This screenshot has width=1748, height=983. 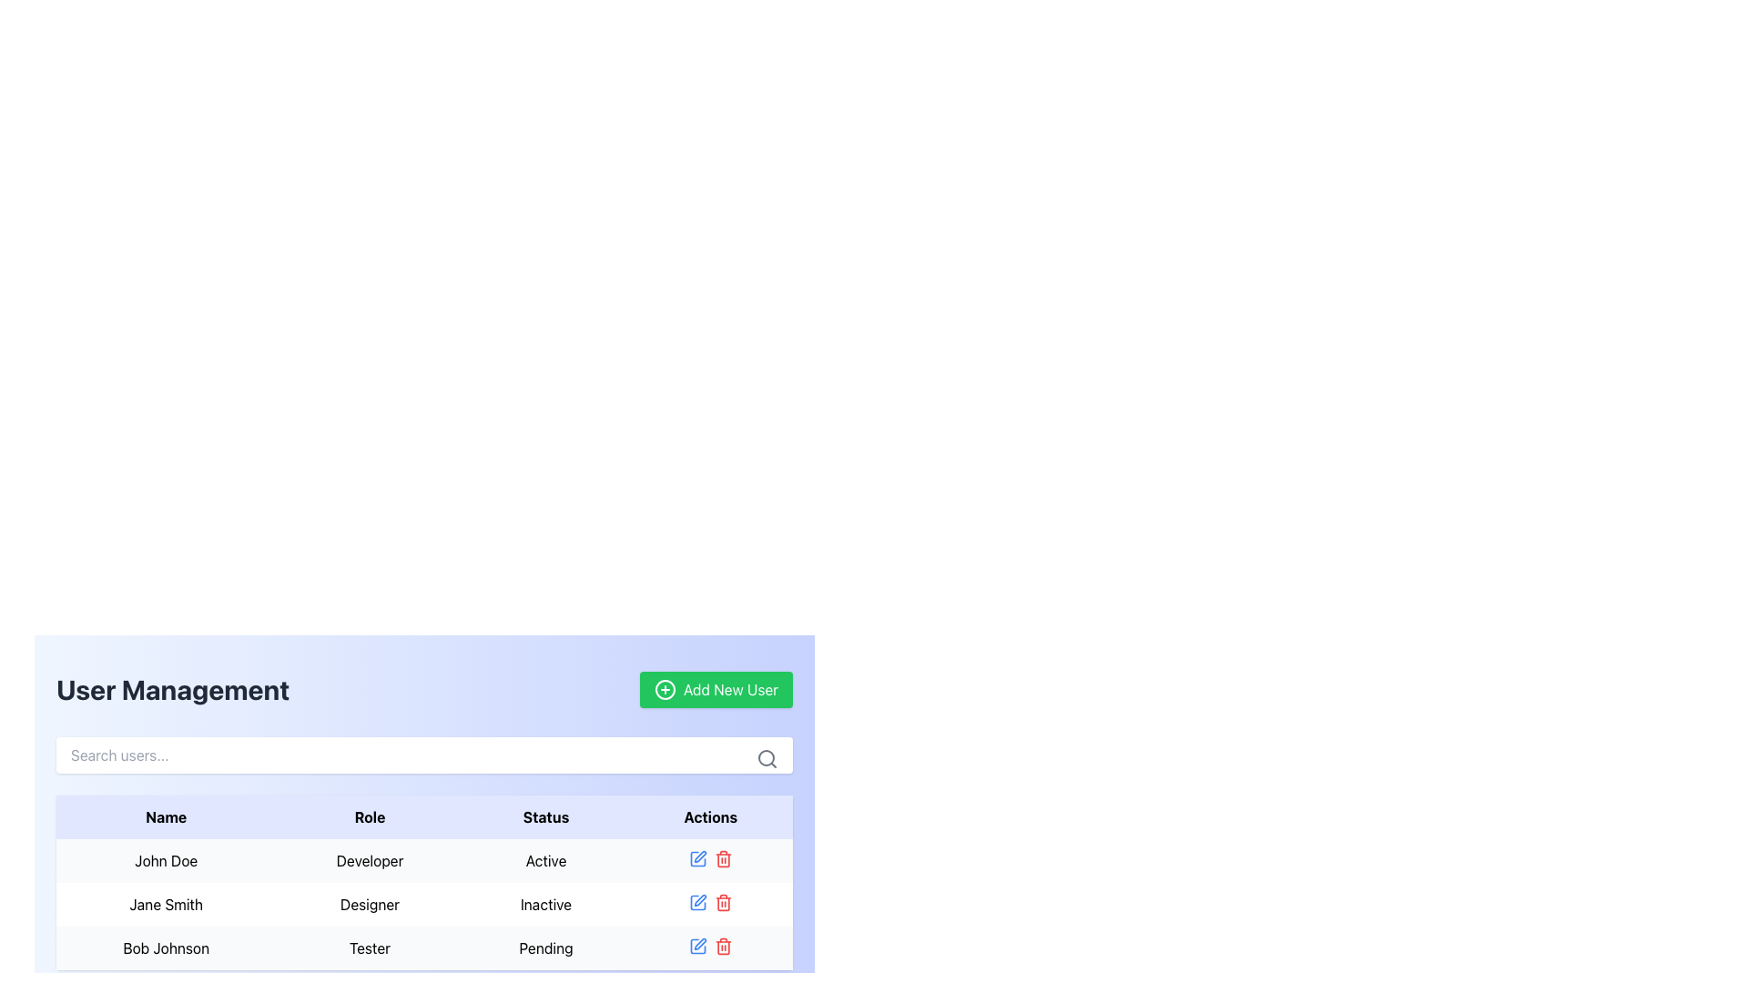 What do you see at coordinates (423, 881) in the screenshot?
I see `the user details by interacting with the first data row in the user management table, which displays the user's name, role, and status` at bounding box center [423, 881].